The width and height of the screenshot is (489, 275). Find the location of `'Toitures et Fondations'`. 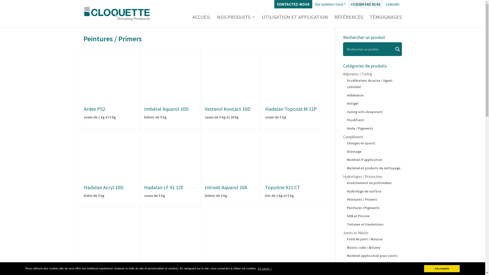

'Toitures et Fondations' is located at coordinates (365, 224).